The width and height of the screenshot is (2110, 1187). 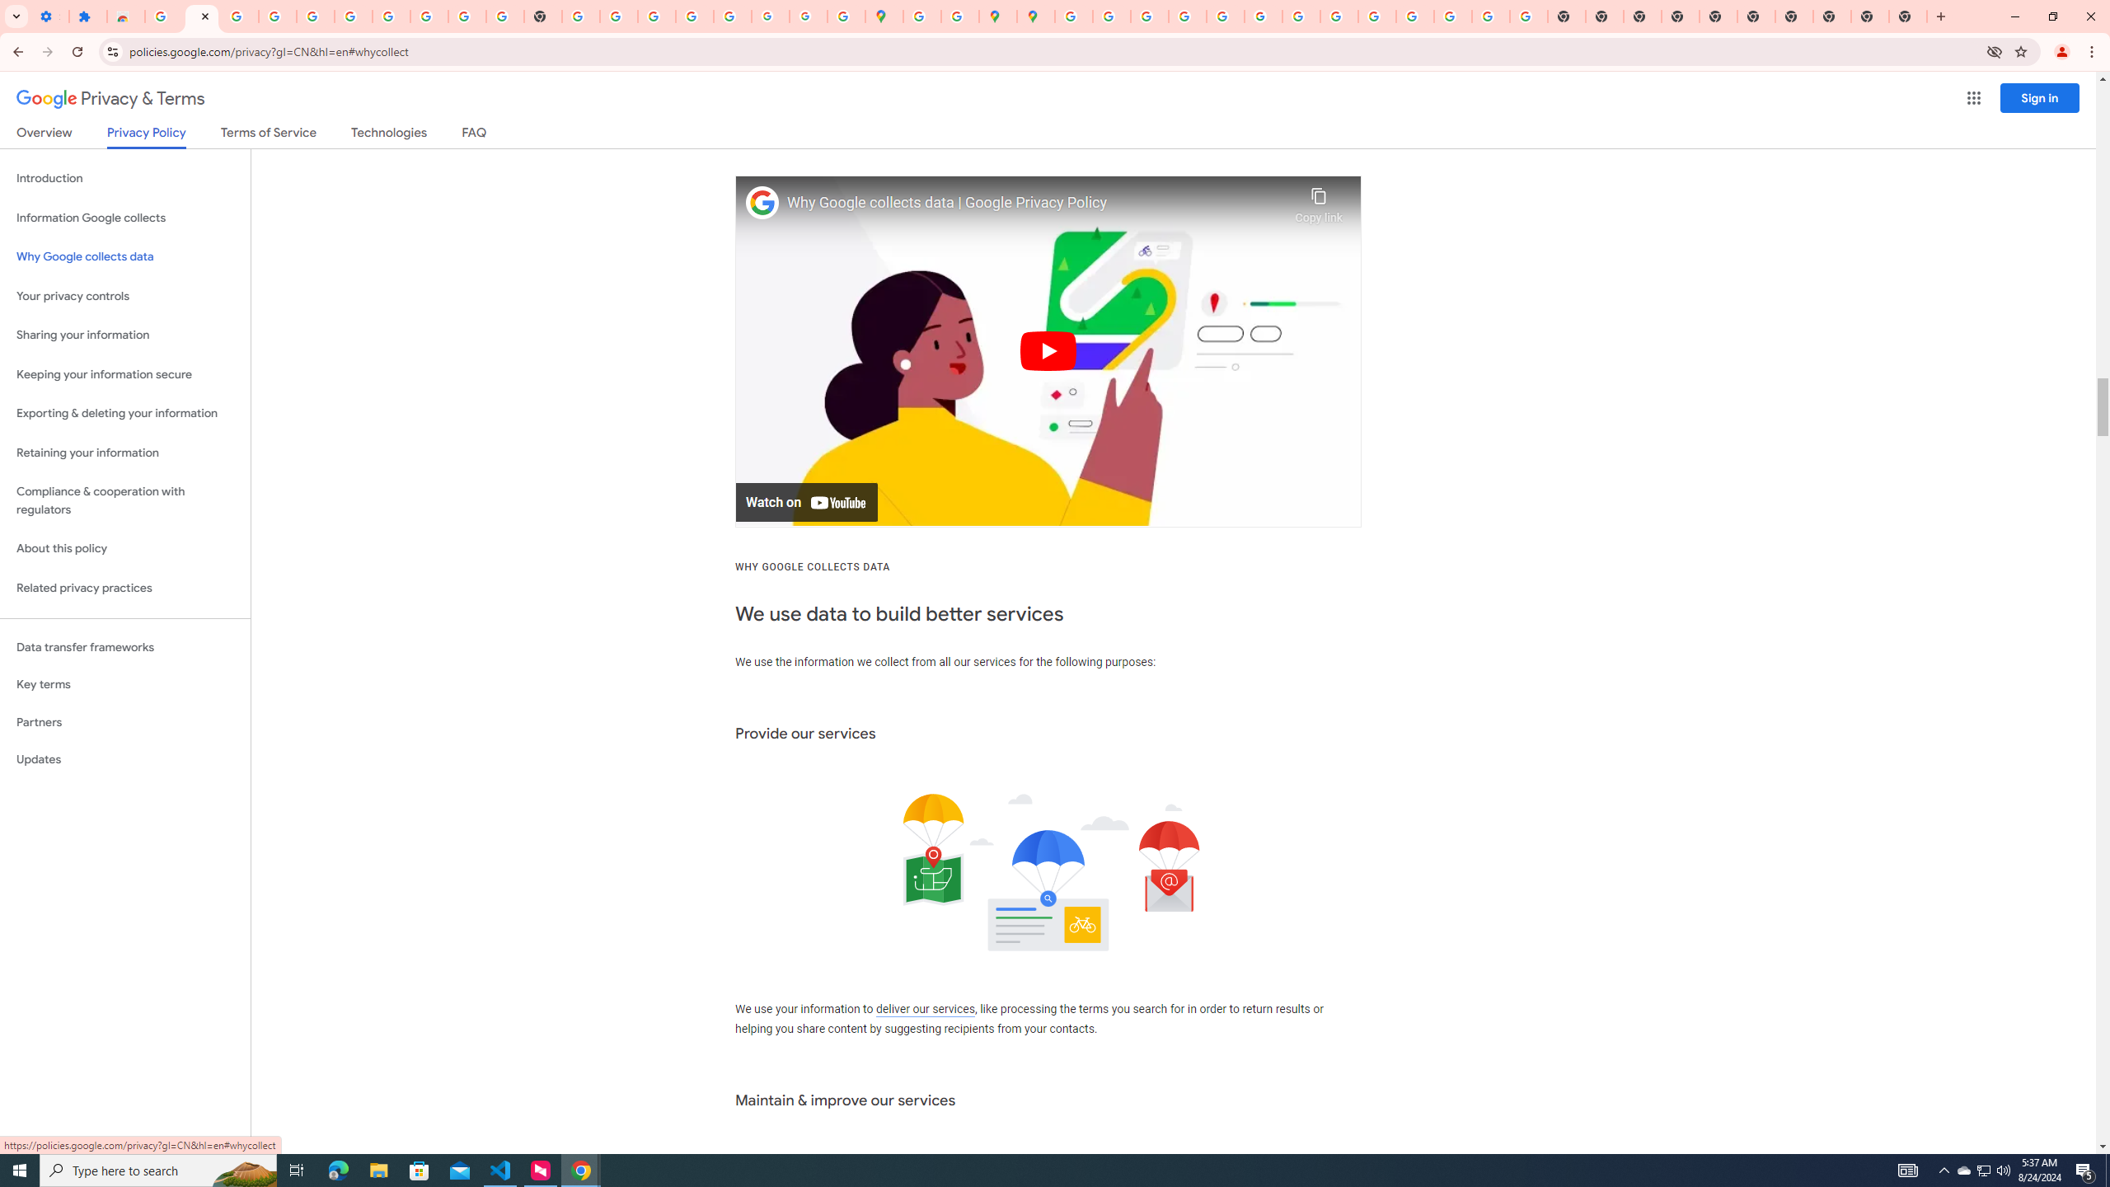 What do you see at coordinates (238, 16) in the screenshot?
I see `'Delete photos & videos - Computer - Google Photos Help'` at bounding box center [238, 16].